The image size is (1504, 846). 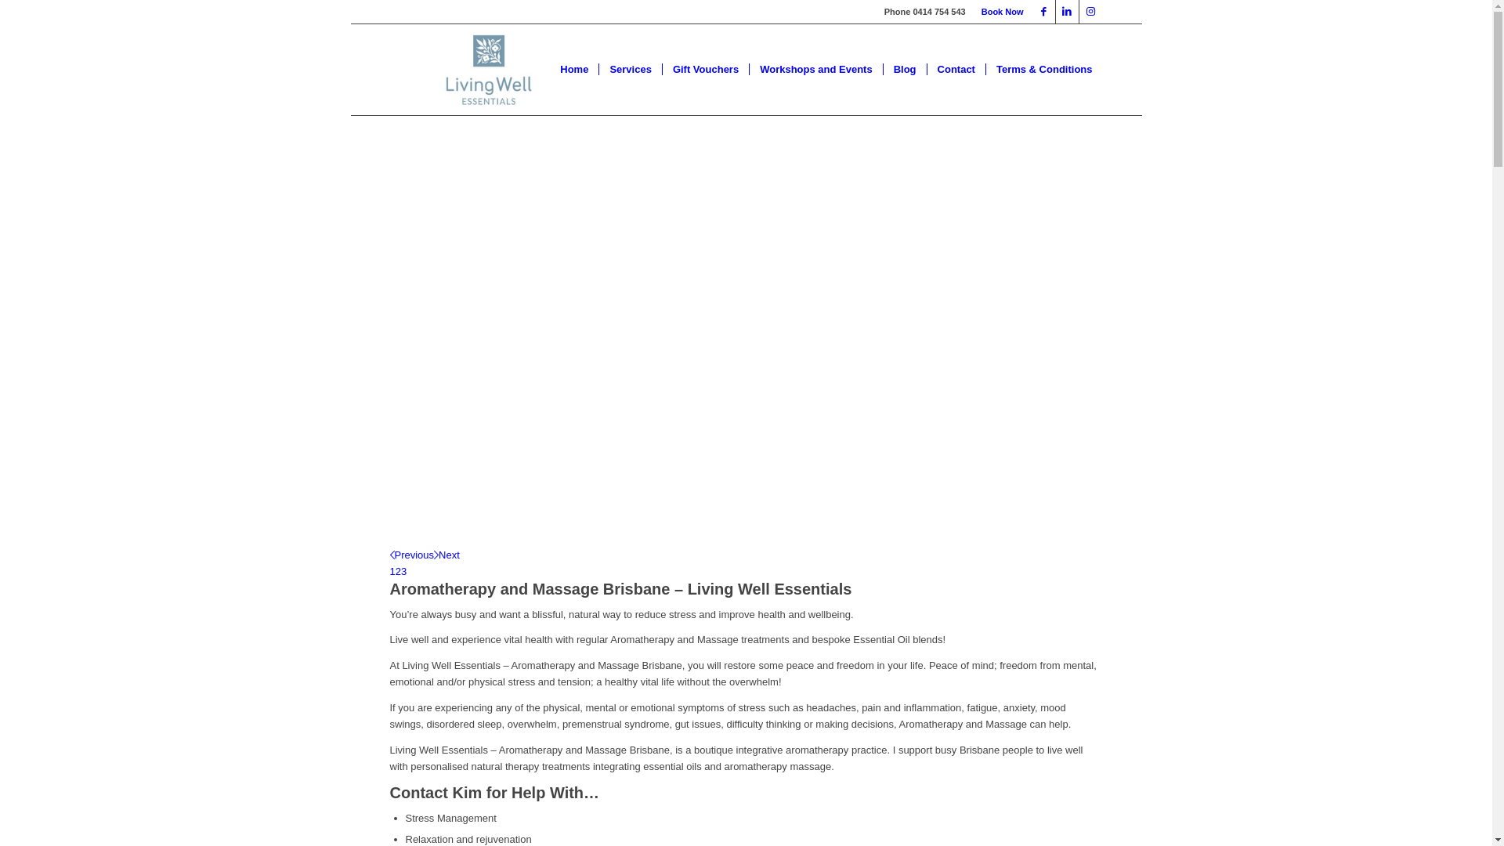 What do you see at coordinates (955, 68) in the screenshot?
I see `'Contact'` at bounding box center [955, 68].